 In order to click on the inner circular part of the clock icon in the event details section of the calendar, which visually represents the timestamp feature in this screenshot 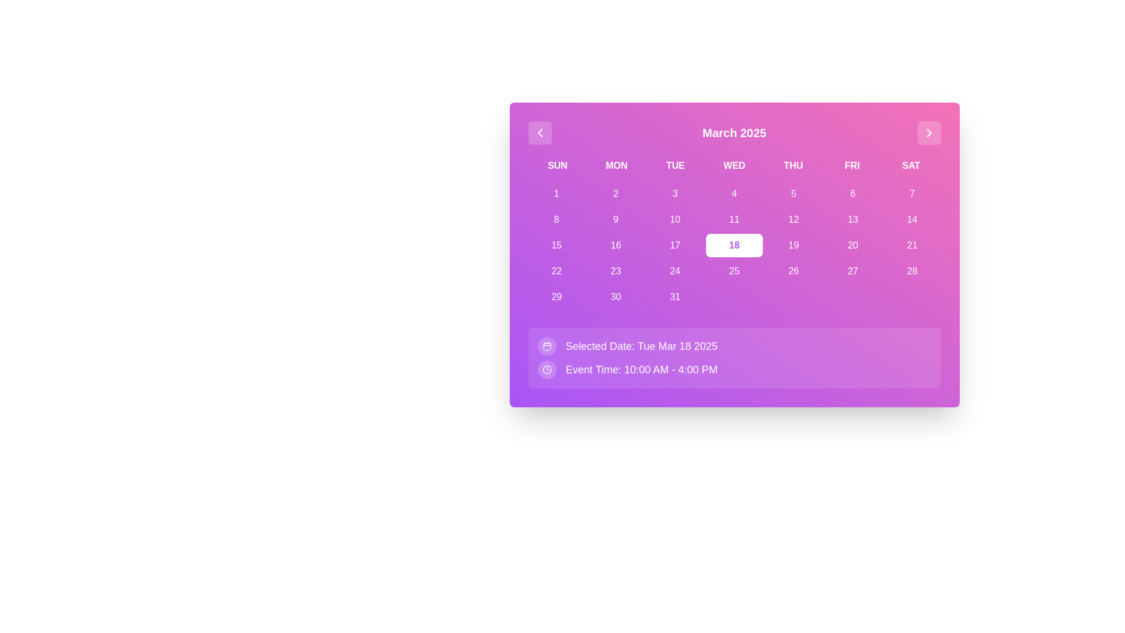, I will do `click(546, 370)`.